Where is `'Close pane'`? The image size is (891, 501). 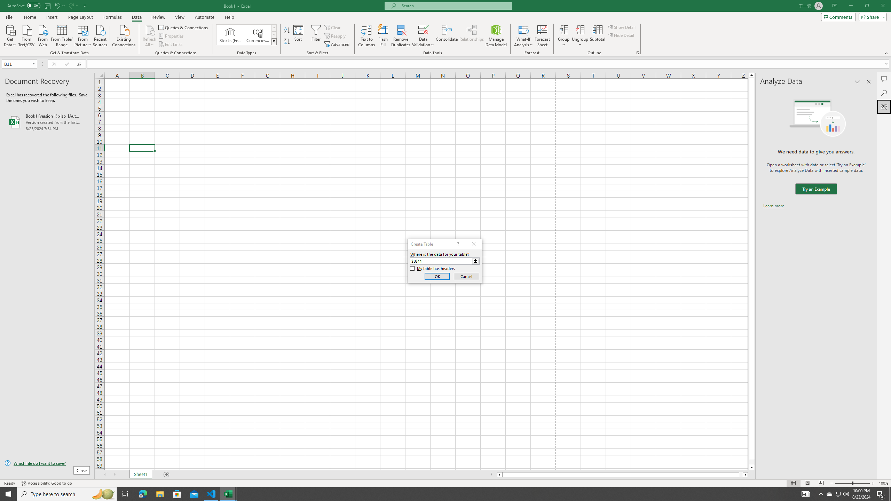 'Close pane' is located at coordinates (868, 81).